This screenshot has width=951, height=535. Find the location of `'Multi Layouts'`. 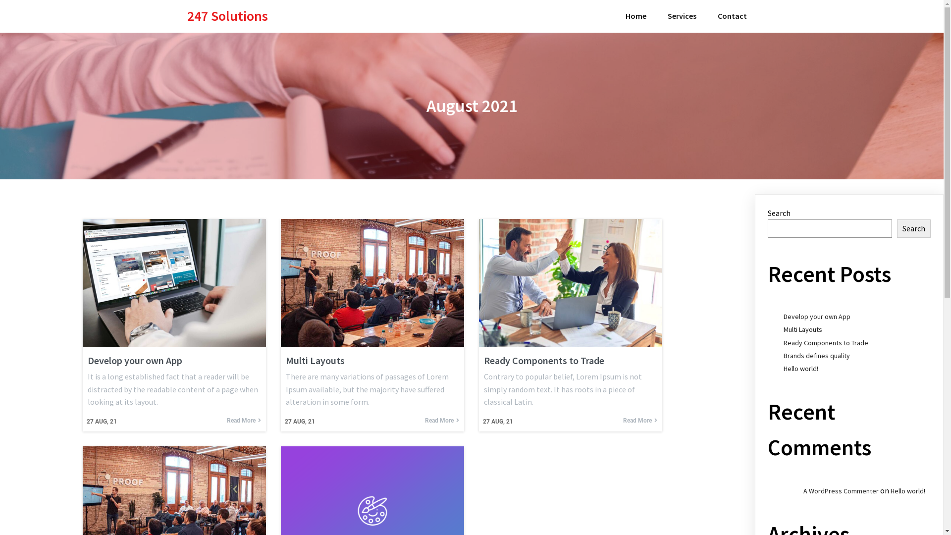

'Multi Layouts' is located at coordinates (372, 361).